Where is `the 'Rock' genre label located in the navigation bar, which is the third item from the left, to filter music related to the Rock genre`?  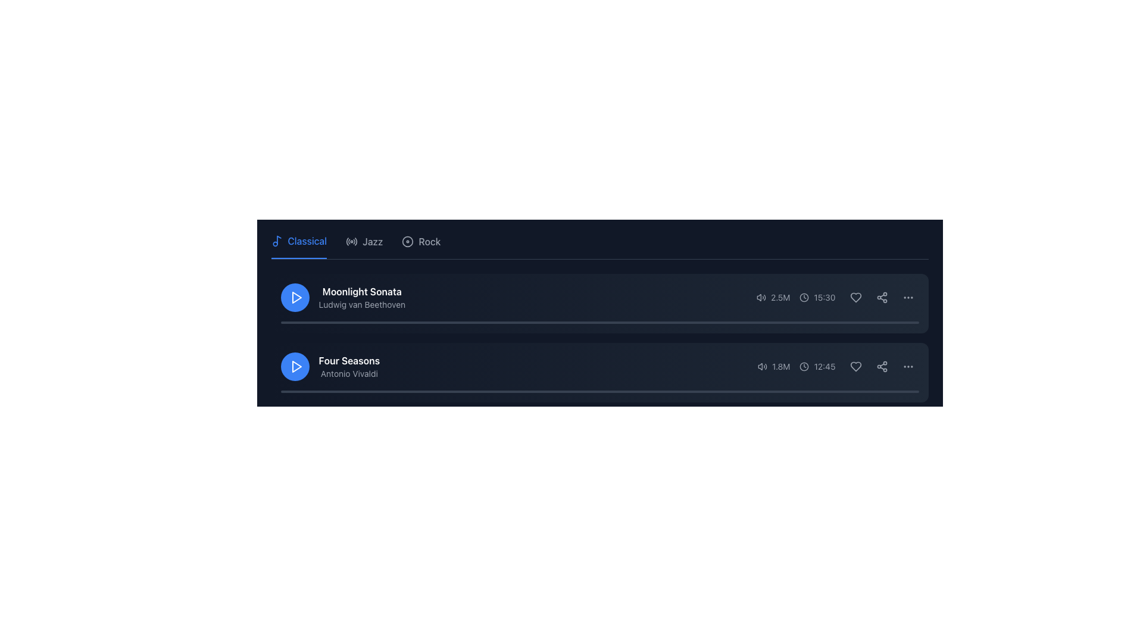 the 'Rock' genre label located in the navigation bar, which is the third item from the left, to filter music related to the Rock genre is located at coordinates (429, 241).